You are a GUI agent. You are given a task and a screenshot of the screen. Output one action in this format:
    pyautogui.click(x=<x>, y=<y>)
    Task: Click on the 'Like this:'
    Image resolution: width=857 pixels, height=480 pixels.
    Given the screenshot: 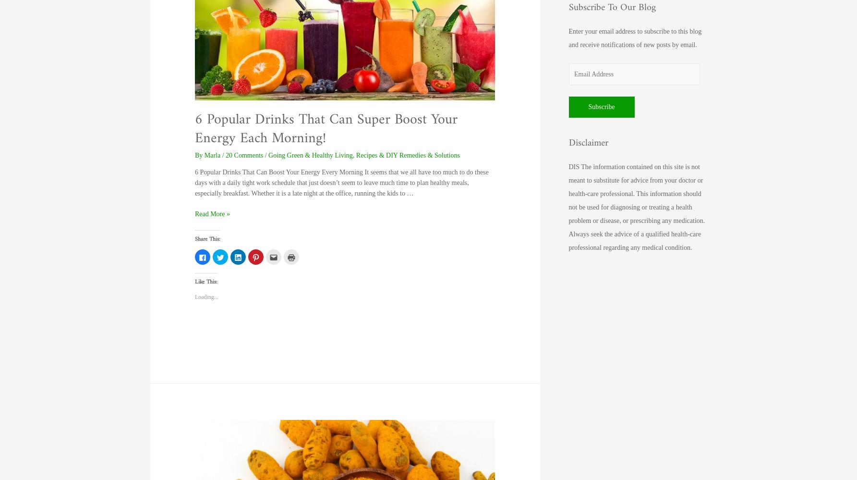 What is the action you would take?
    pyautogui.click(x=205, y=282)
    